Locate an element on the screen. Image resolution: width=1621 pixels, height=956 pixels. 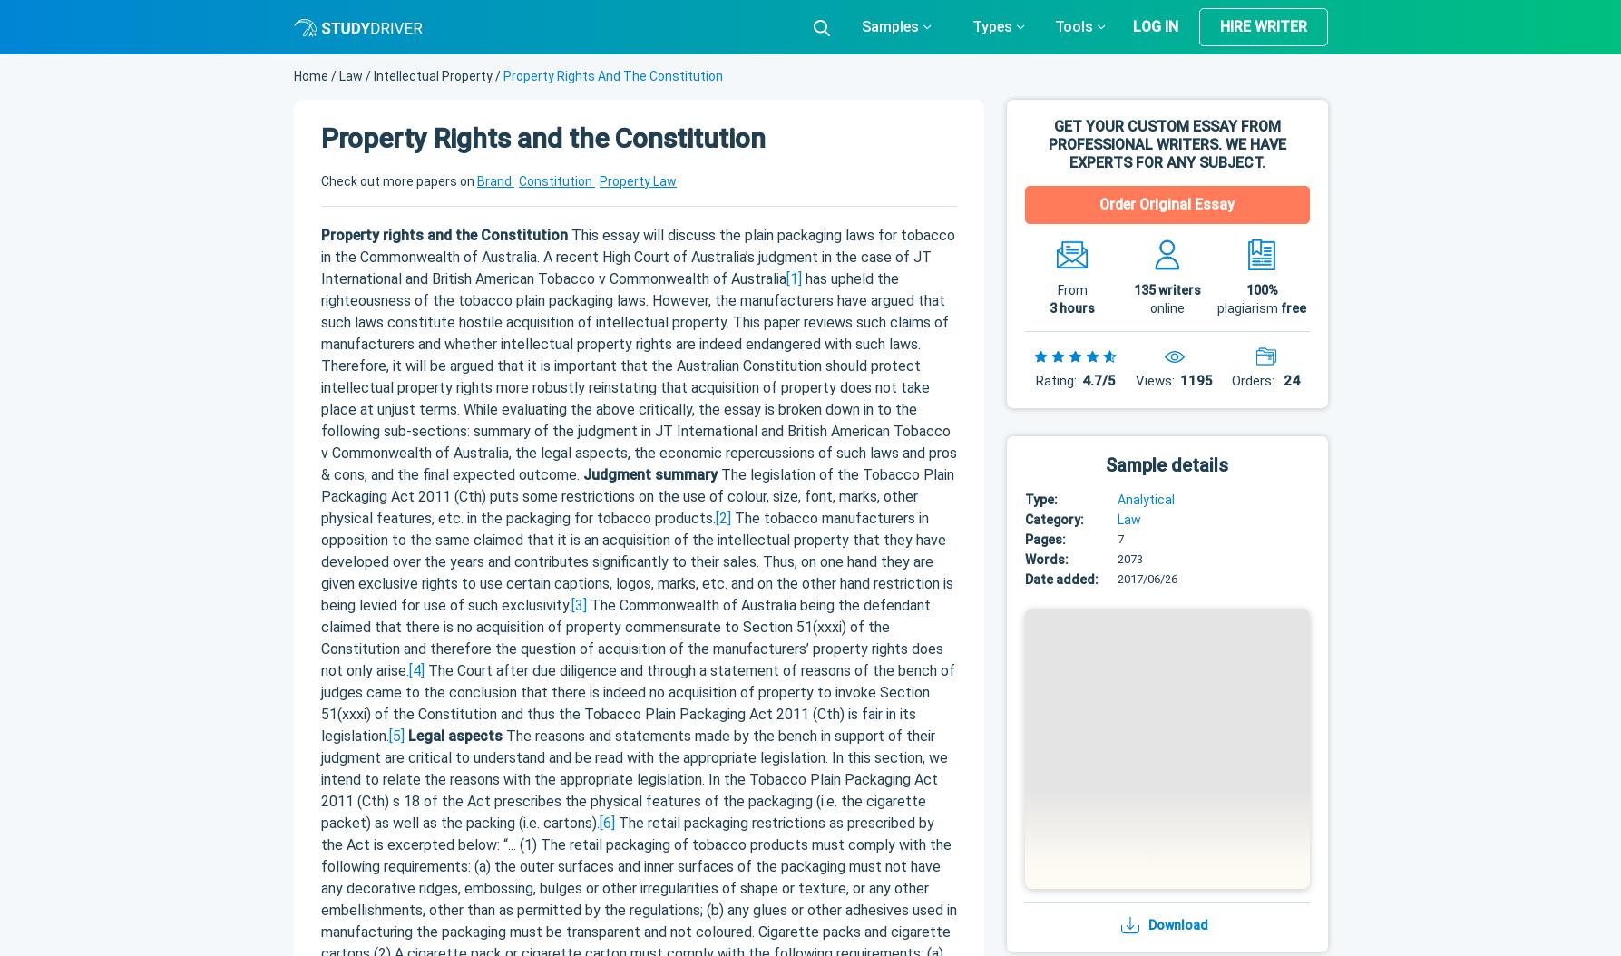
'From' is located at coordinates (1071, 289).